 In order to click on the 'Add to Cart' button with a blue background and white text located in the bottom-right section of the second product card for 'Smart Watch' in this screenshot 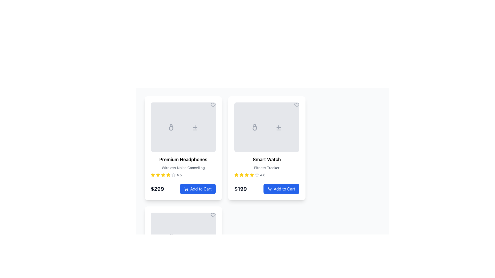, I will do `click(281, 189)`.